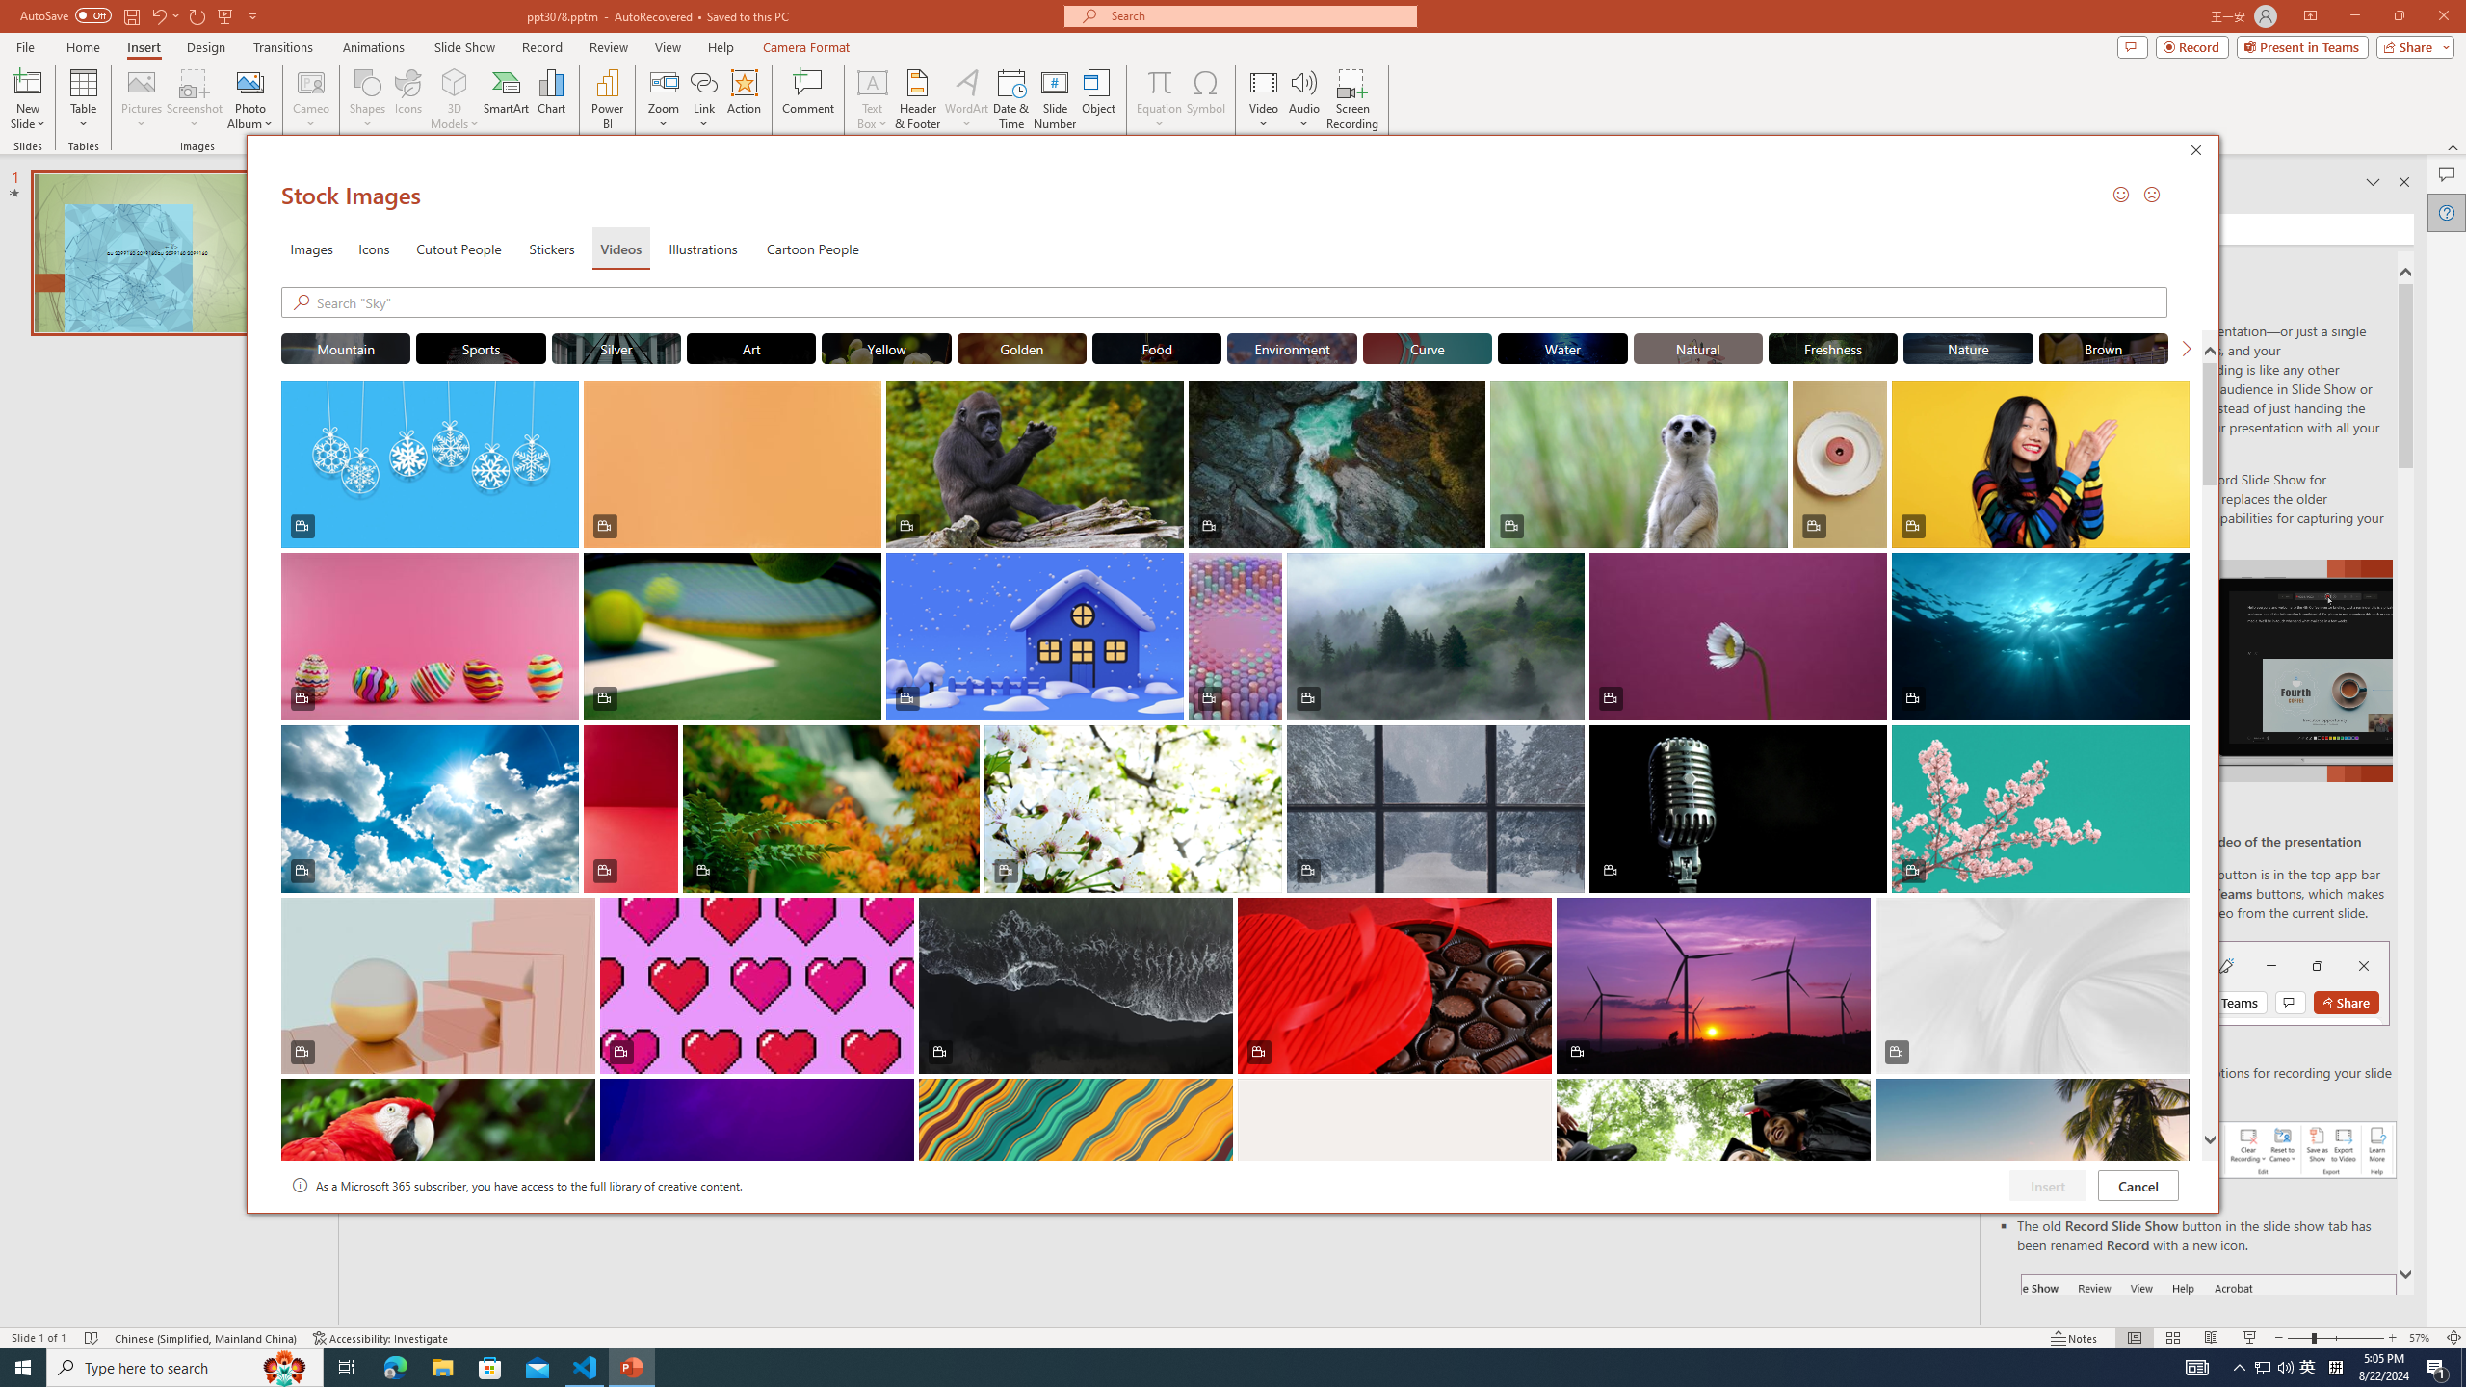 The height and width of the screenshot is (1387, 2466). What do you see at coordinates (616, 347) in the screenshot?
I see `'"Silver" Stock Videos.'` at bounding box center [616, 347].